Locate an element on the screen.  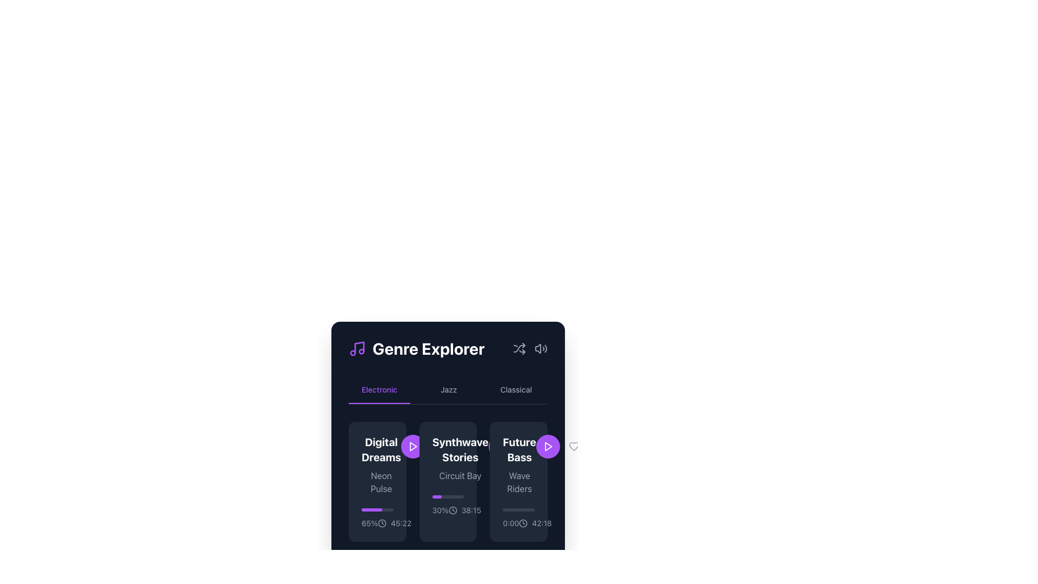
the SVG circle element styled as a clock face located in the top-right corner of the 'Genre Explorer' section by moving to its center point is located at coordinates (523, 523).